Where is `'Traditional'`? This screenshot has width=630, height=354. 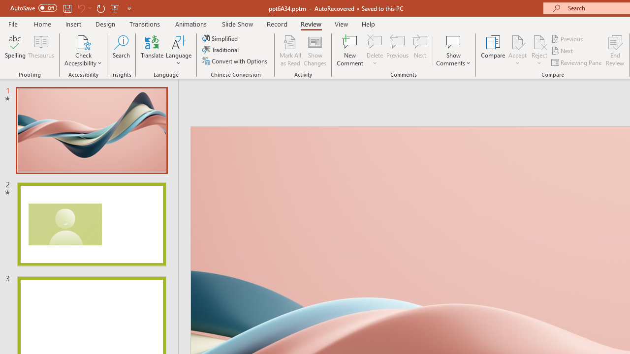 'Traditional' is located at coordinates (220, 50).